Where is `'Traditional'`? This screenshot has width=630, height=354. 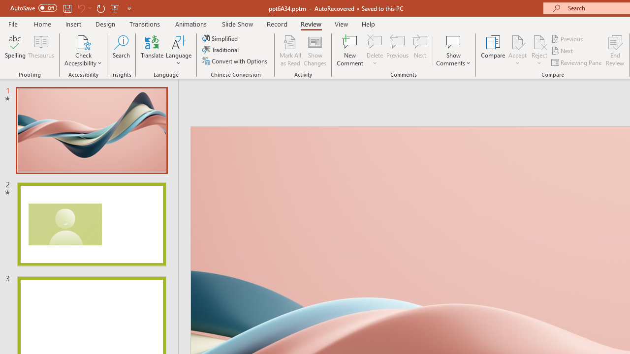 'Traditional' is located at coordinates (220, 50).